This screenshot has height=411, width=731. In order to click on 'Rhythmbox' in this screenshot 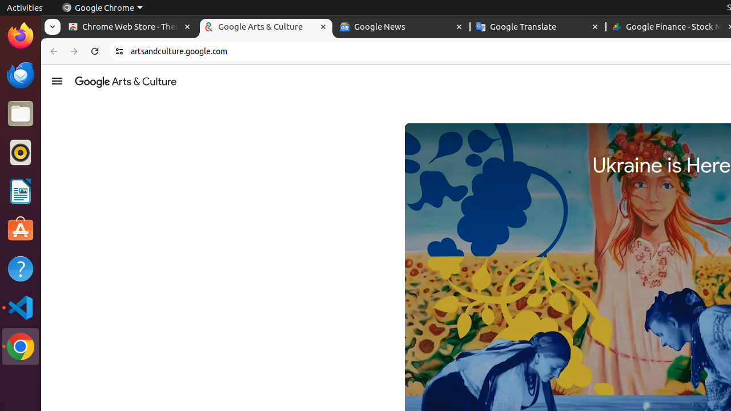, I will do `click(20, 151)`.